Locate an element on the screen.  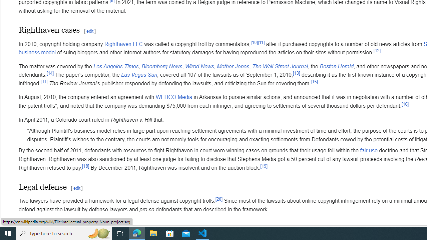
'Mother Jones' is located at coordinates (233, 66).